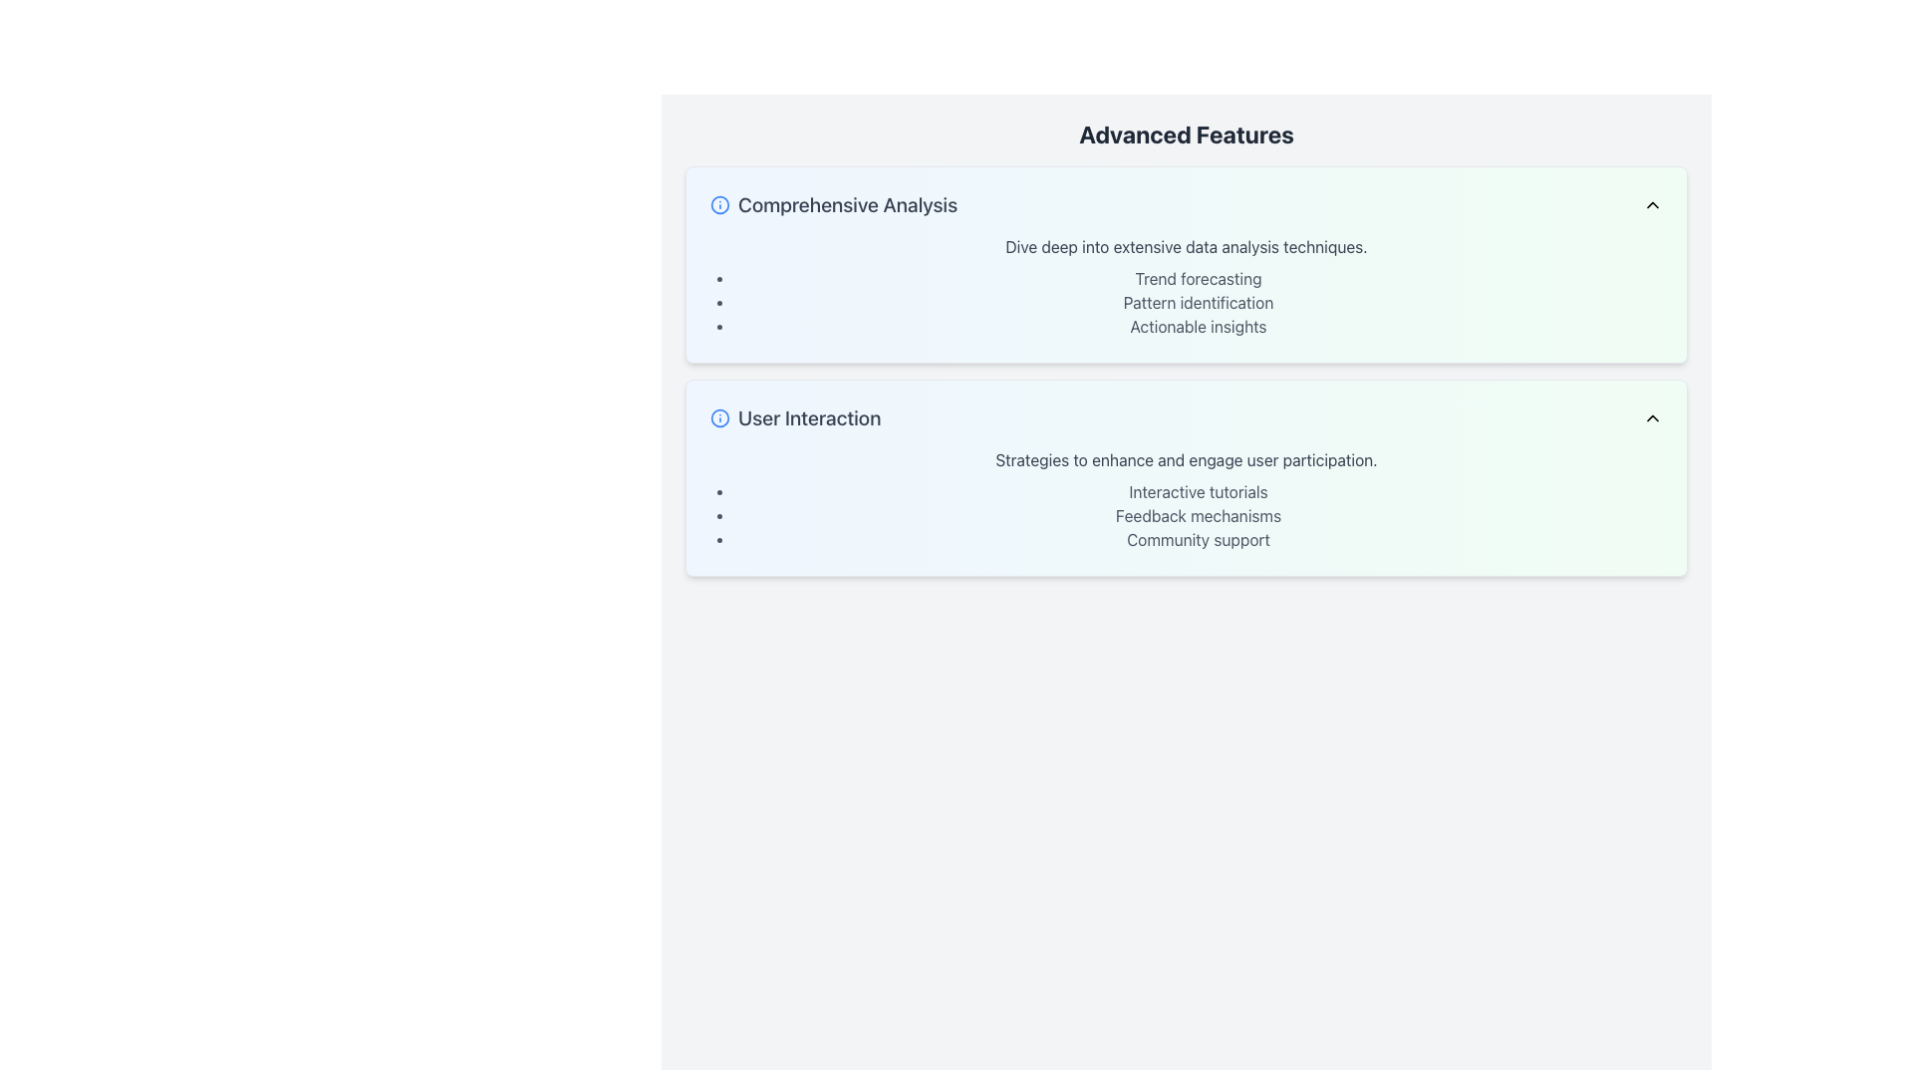 The width and height of the screenshot is (1913, 1076). Describe the element at coordinates (1186, 514) in the screenshot. I see `the bulleted list containing 'Interactive tutorials,' 'Feedback mechanisms,' and 'Community support,' which is located below the heading 'Strategies to enhance and engage user participation.'` at that location.